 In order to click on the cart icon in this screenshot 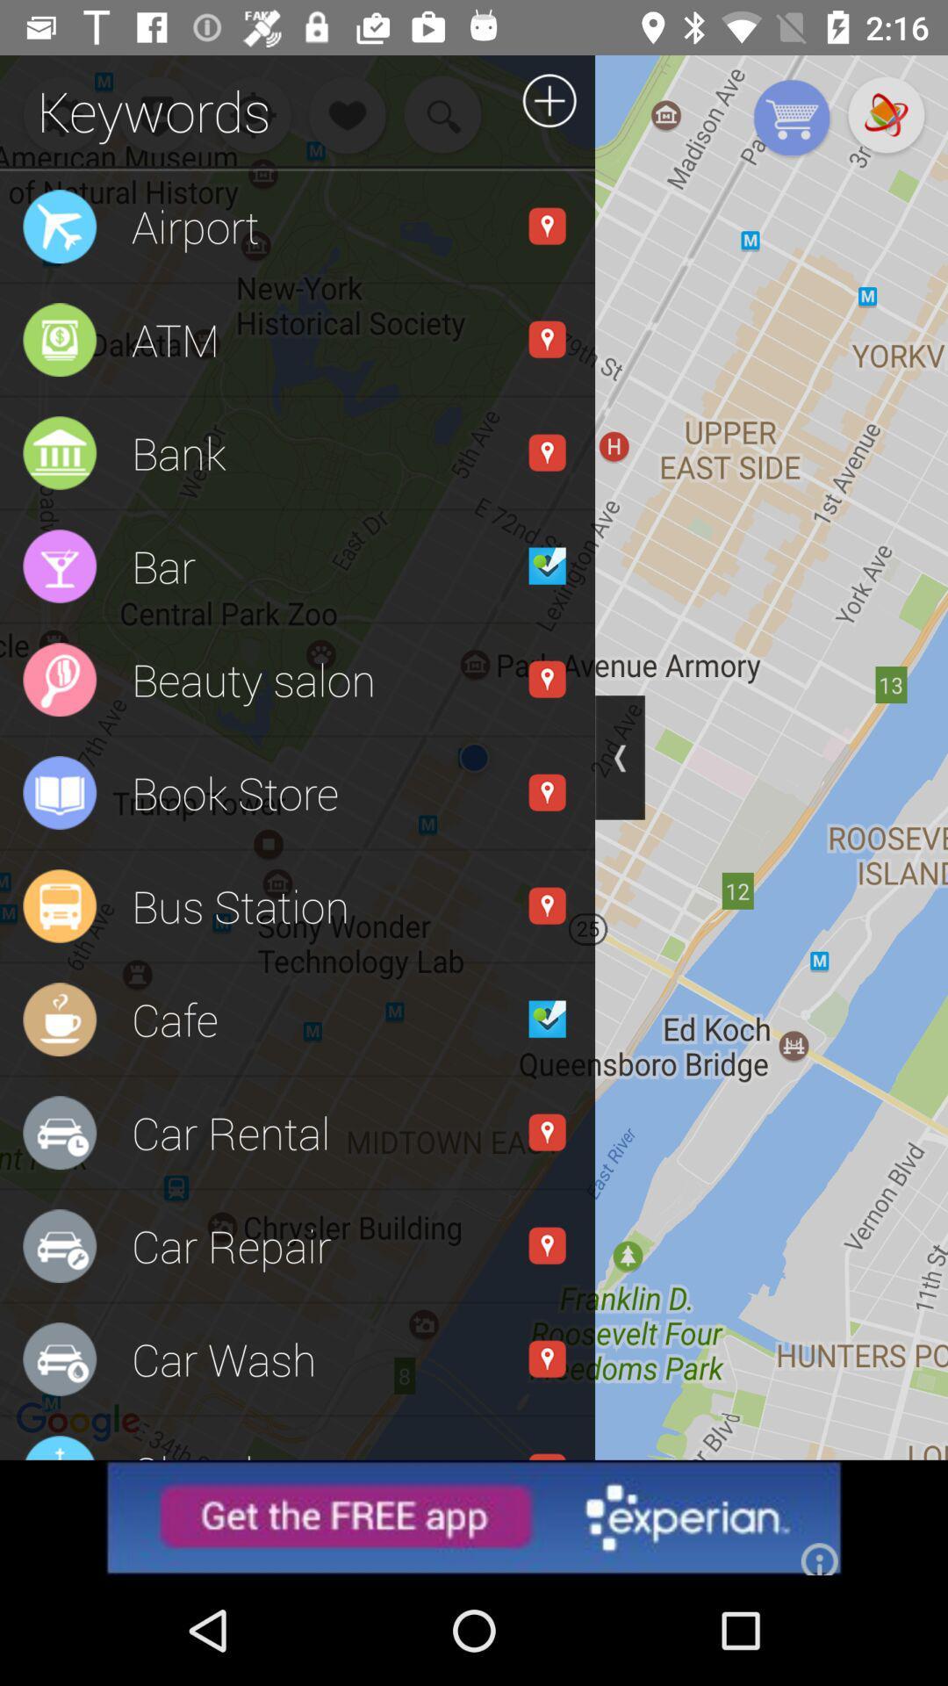, I will do `click(792, 119)`.